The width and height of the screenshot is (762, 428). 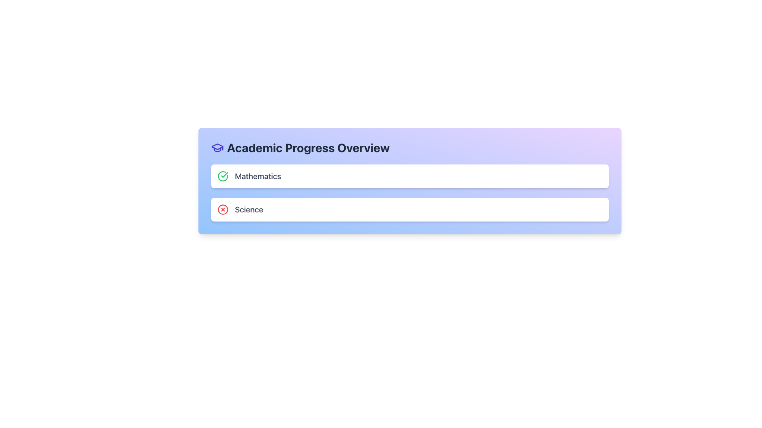 What do you see at coordinates (222, 209) in the screenshot?
I see `the negative status icon located to the left of the 'Science' text in the second row under 'Academic Progress Overview'` at bounding box center [222, 209].